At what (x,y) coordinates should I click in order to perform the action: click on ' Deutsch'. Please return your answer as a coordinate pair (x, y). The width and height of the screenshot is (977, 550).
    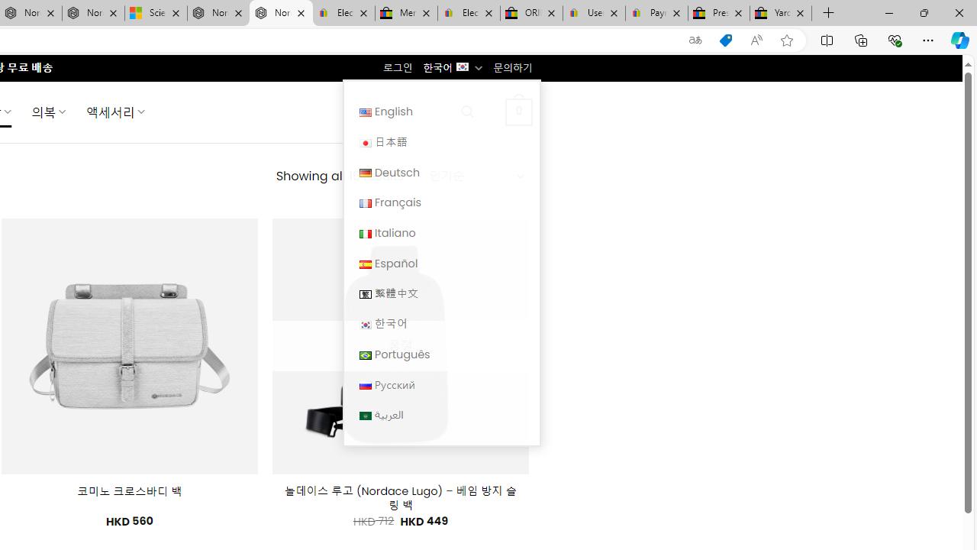
    Looking at the image, I should click on (440, 172).